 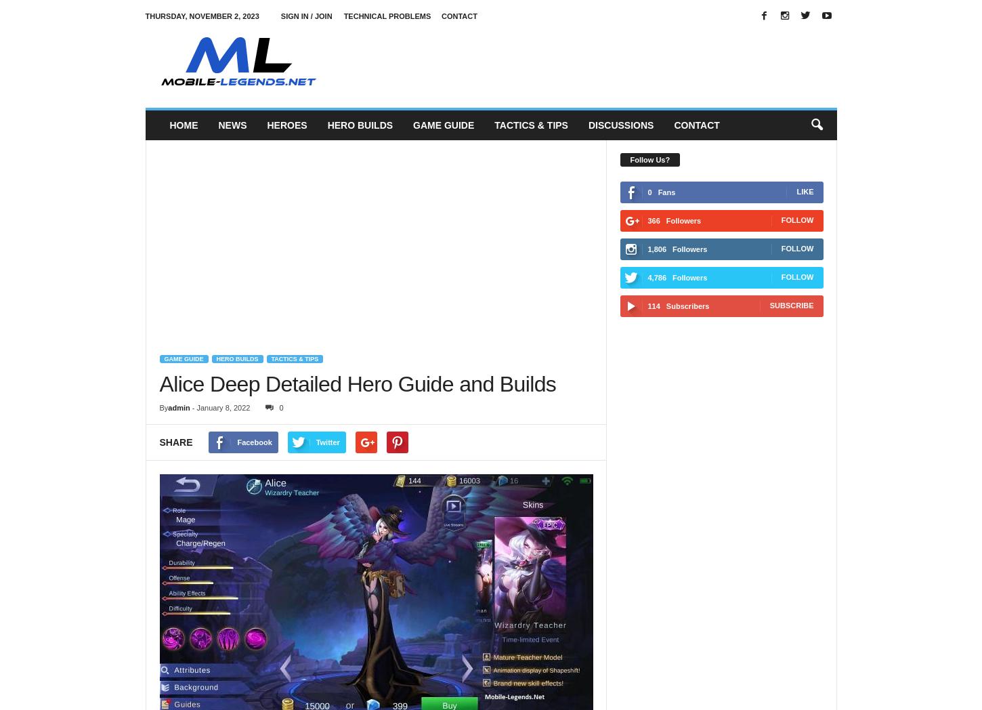 What do you see at coordinates (687, 305) in the screenshot?
I see `'Subscribers'` at bounding box center [687, 305].